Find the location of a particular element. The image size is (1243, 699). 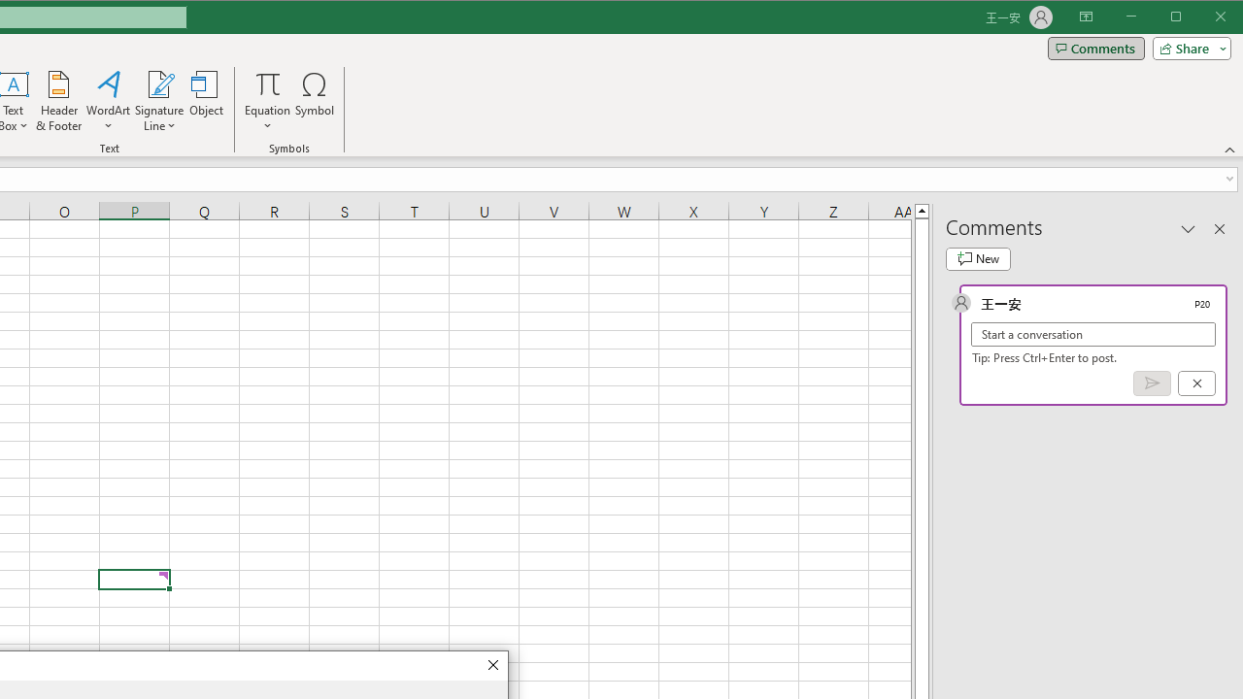

'Header & Footer...' is located at coordinates (58, 101).